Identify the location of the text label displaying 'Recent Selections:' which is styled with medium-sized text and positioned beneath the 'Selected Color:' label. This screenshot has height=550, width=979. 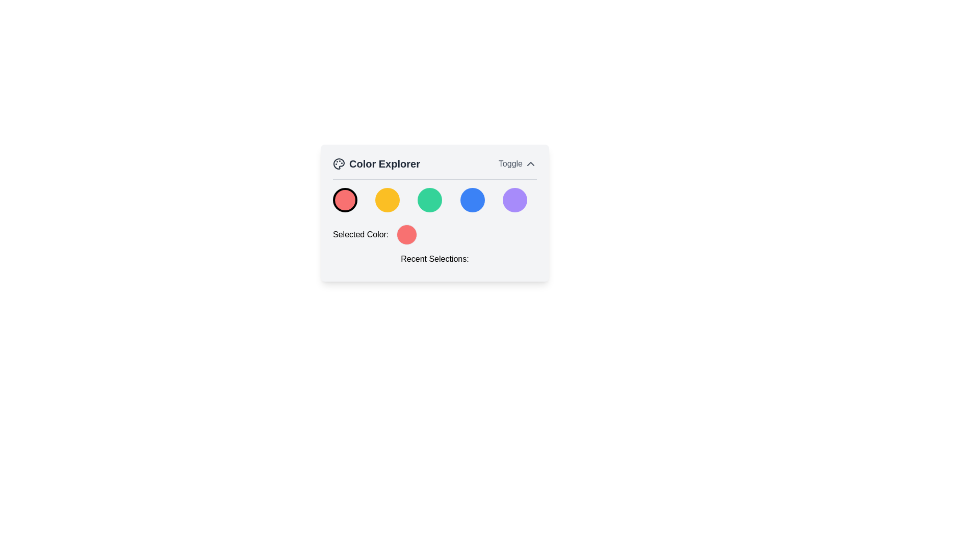
(435, 259).